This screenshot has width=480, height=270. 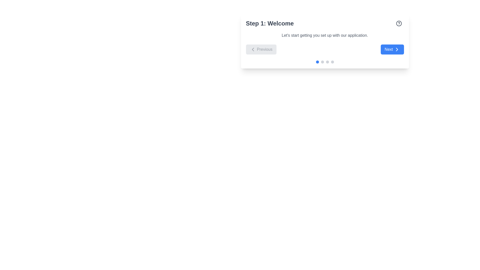 What do you see at coordinates (317, 61) in the screenshot?
I see `the first circular indicator of the pagination component at the bottom-center of the card, which indicates the active page with a blue color` at bounding box center [317, 61].